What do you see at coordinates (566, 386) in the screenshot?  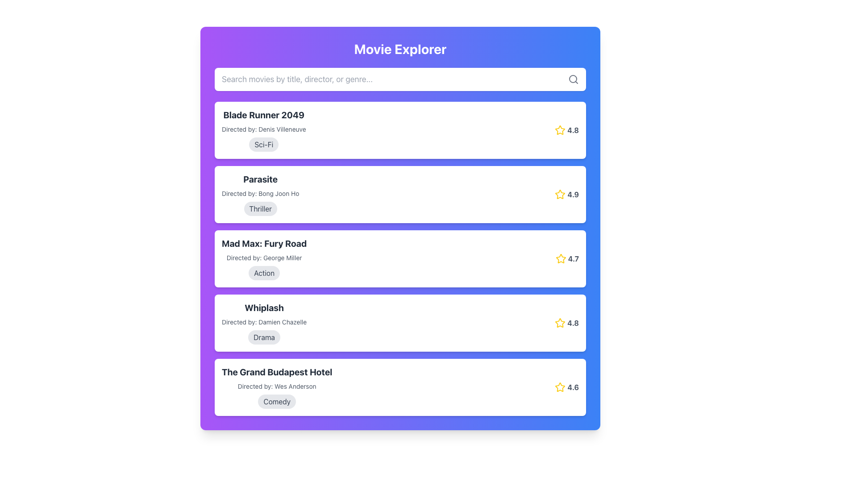 I see `the star icon in the rating indicator located at the bottom-right corner of the card for 'The Grand Budapest Hotel'` at bounding box center [566, 386].